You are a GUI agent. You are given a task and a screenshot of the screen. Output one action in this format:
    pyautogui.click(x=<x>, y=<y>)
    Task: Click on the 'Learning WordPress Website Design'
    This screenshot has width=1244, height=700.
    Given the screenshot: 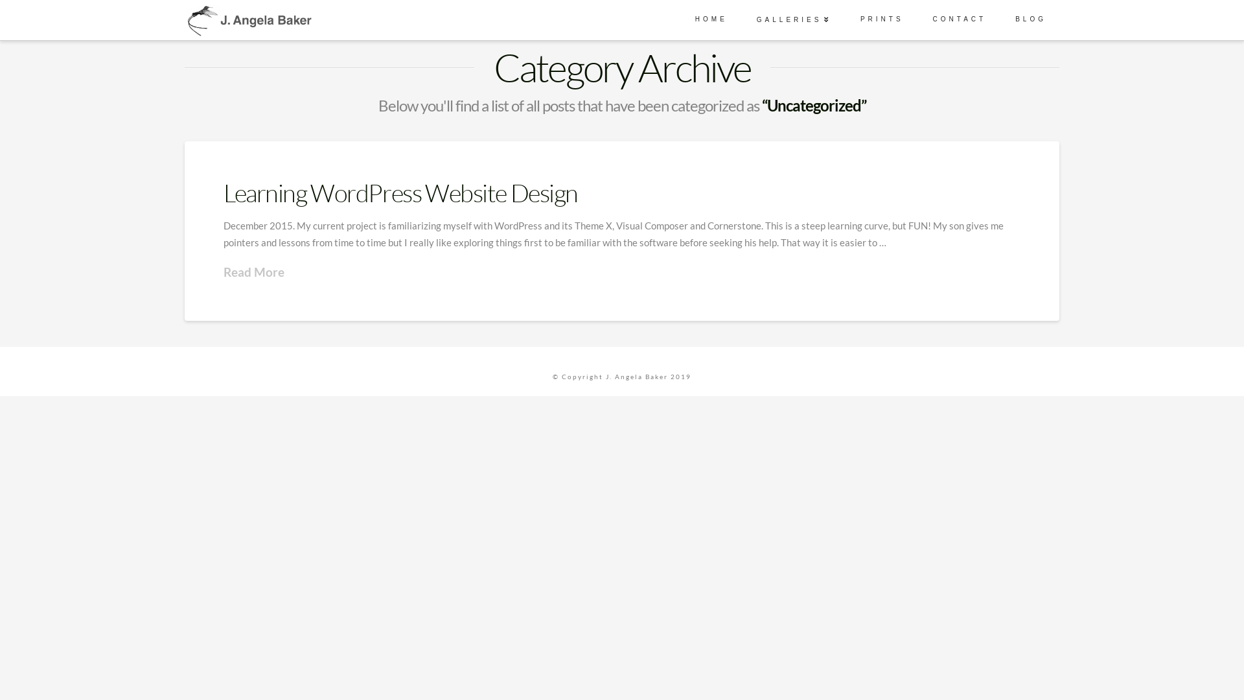 What is the action you would take?
    pyautogui.click(x=400, y=192)
    